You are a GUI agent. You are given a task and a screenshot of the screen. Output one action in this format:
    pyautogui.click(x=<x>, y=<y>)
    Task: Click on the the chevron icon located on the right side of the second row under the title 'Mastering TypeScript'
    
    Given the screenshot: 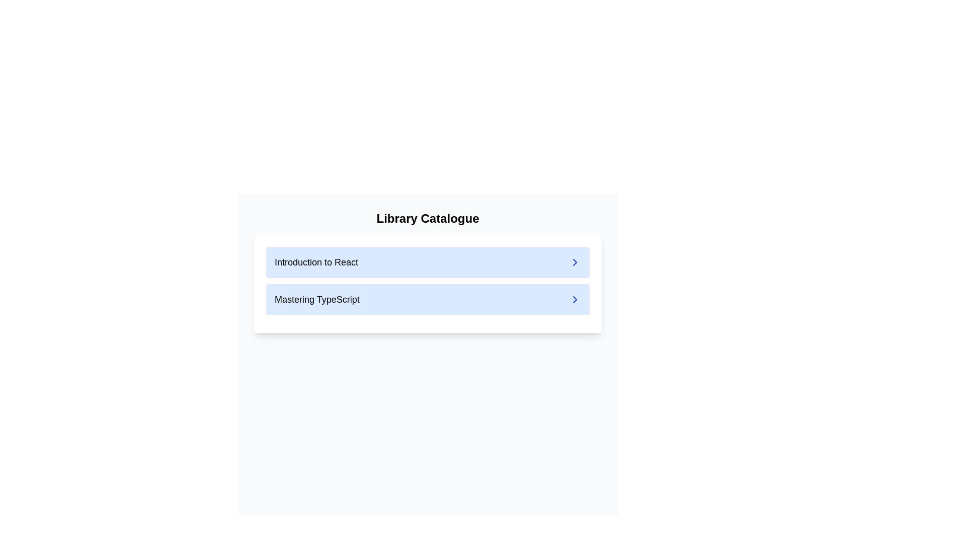 What is the action you would take?
    pyautogui.click(x=575, y=299)
    